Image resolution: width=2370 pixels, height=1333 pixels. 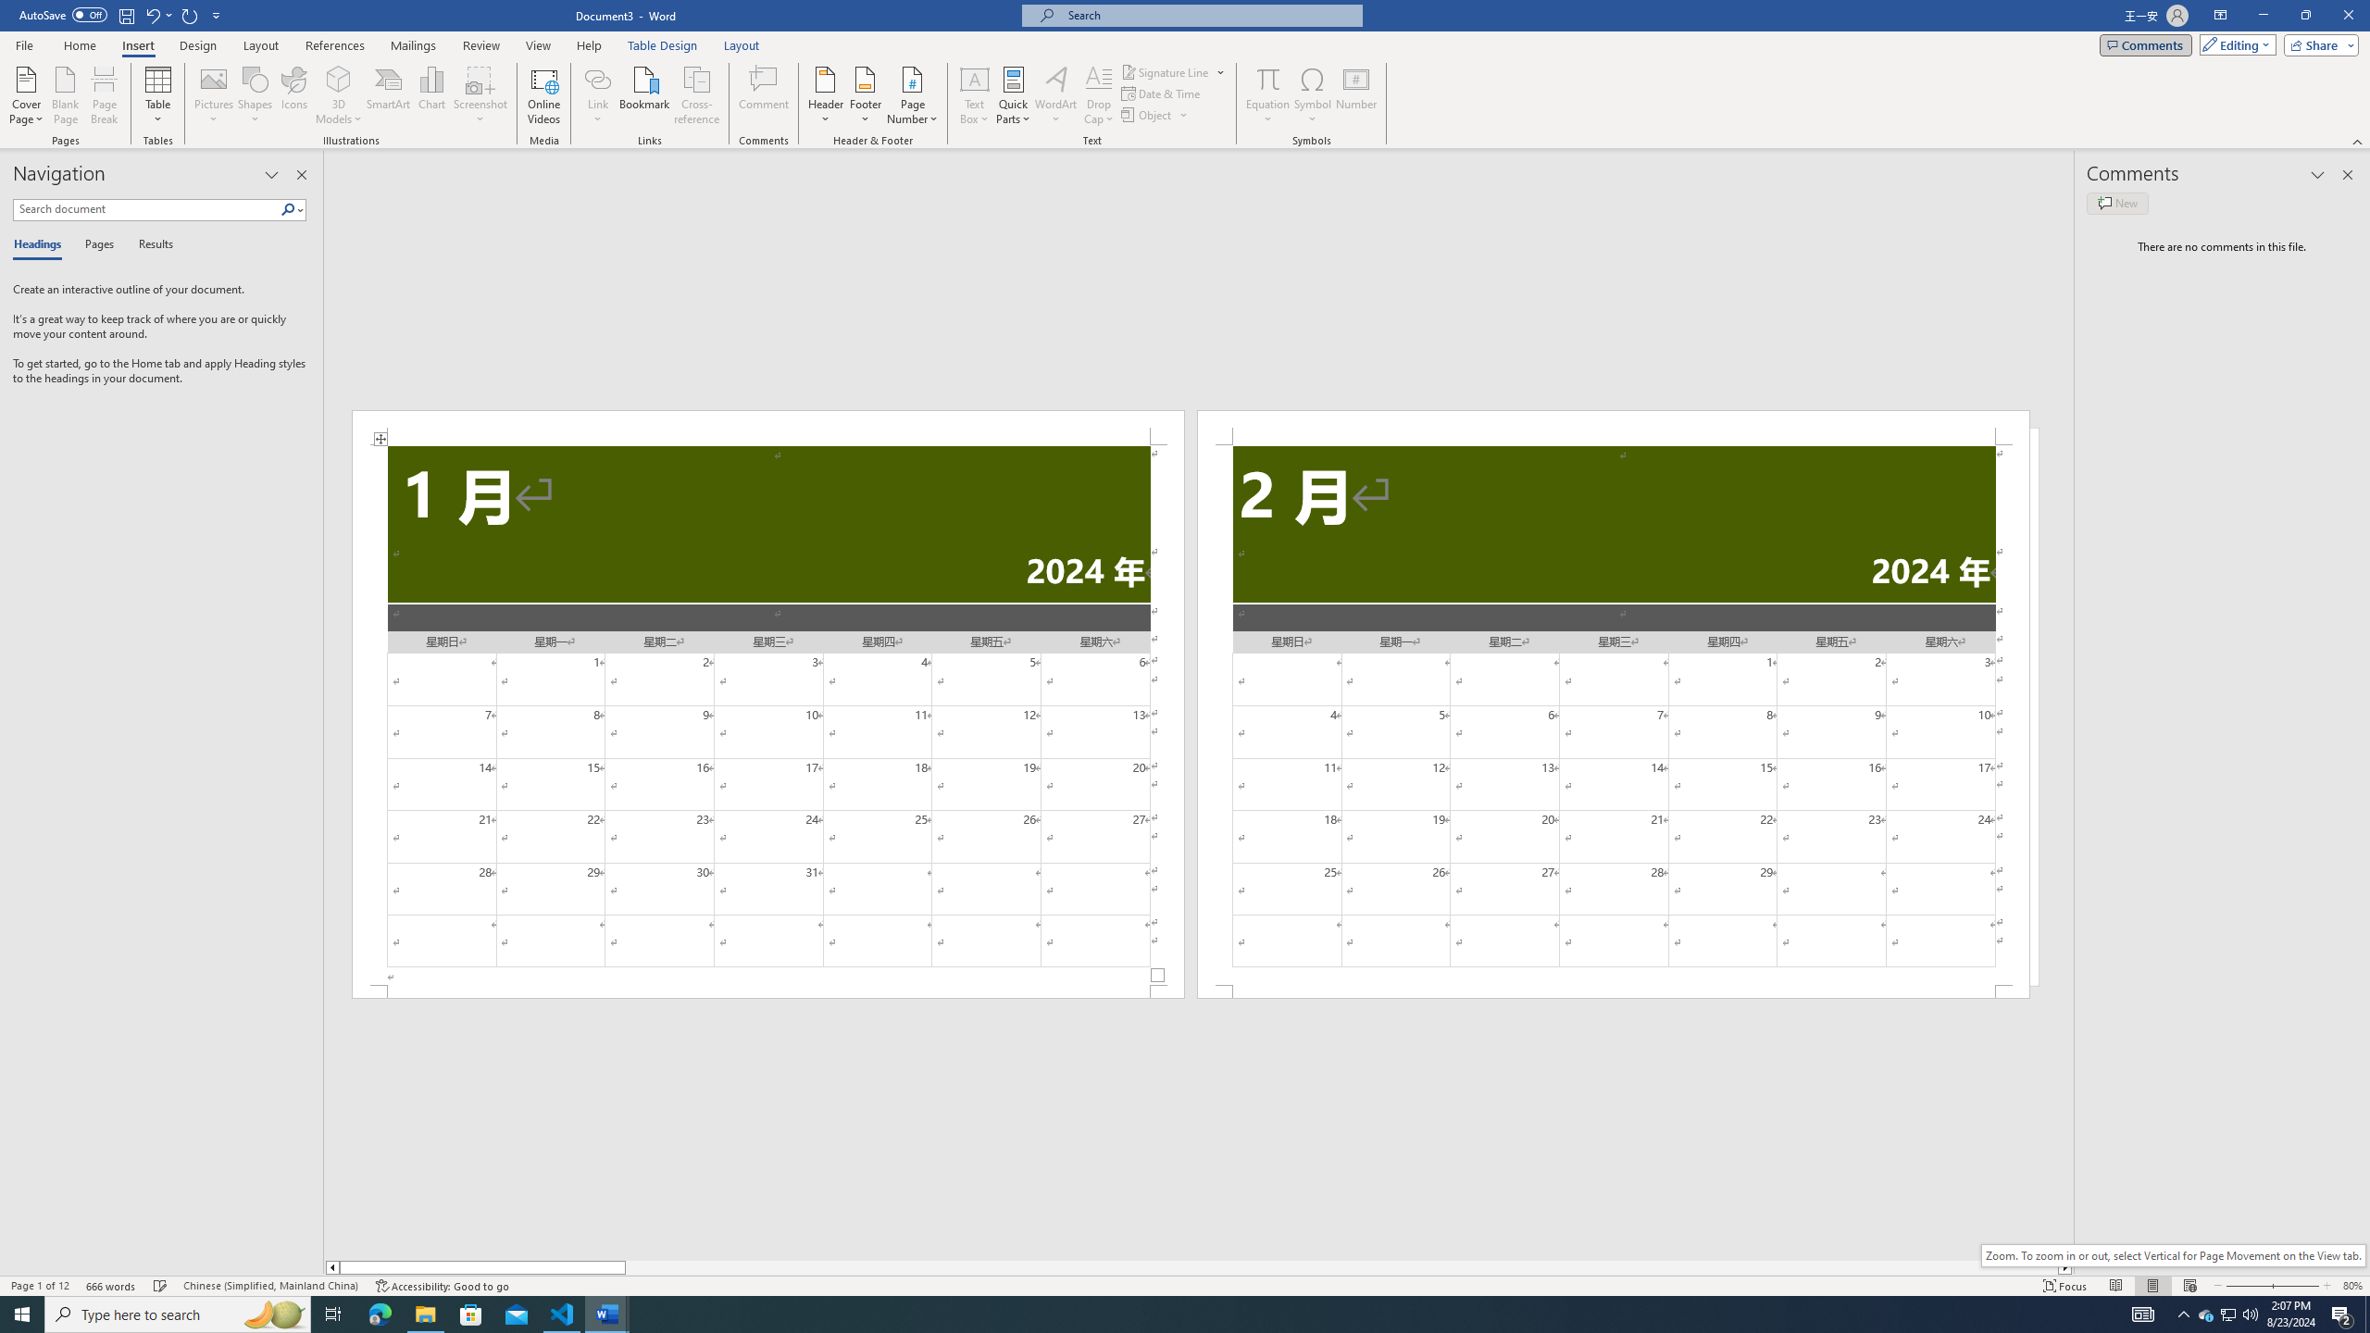 What do you see at coordinates (826, 95) in the screenshot?
I see `'Header'` at bounding box center [826, 95].